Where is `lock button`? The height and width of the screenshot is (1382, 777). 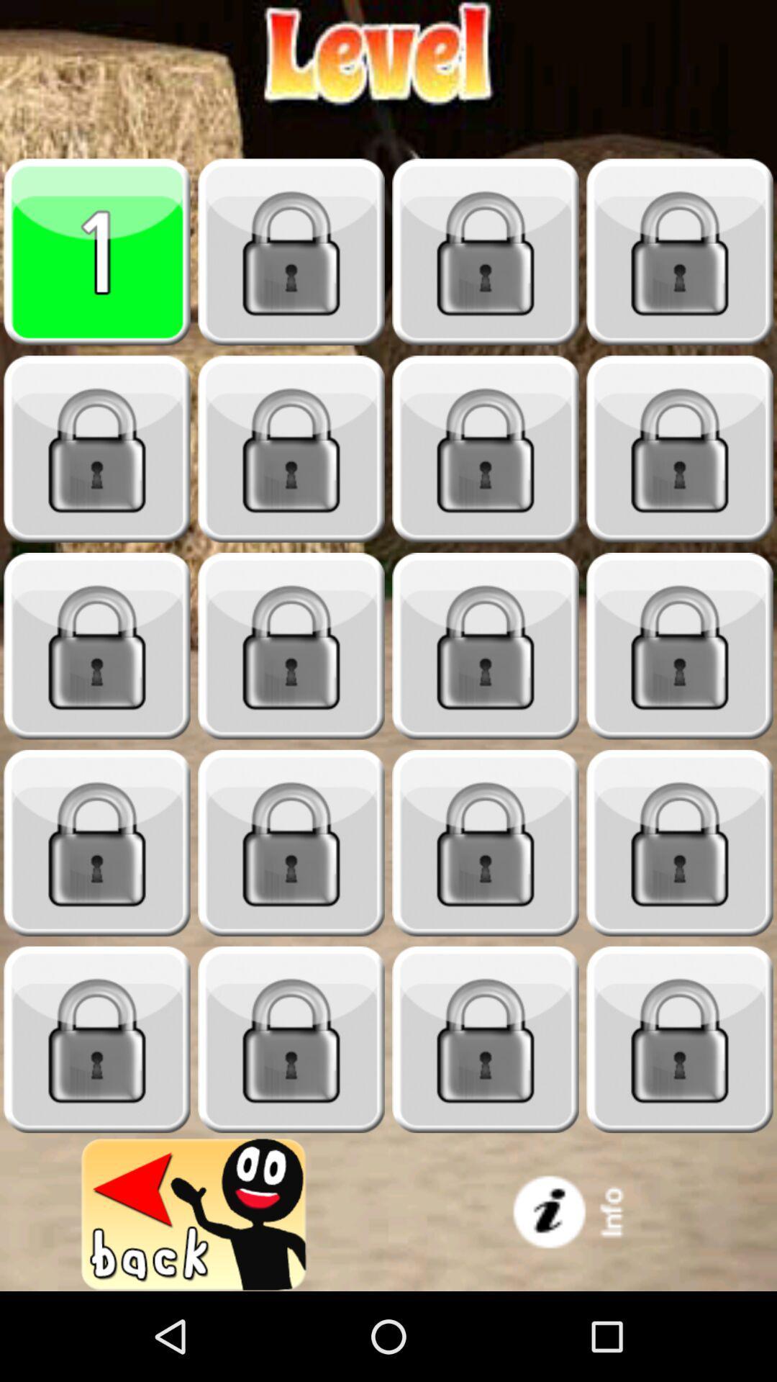 lock button is located at coordinates (680, 646).